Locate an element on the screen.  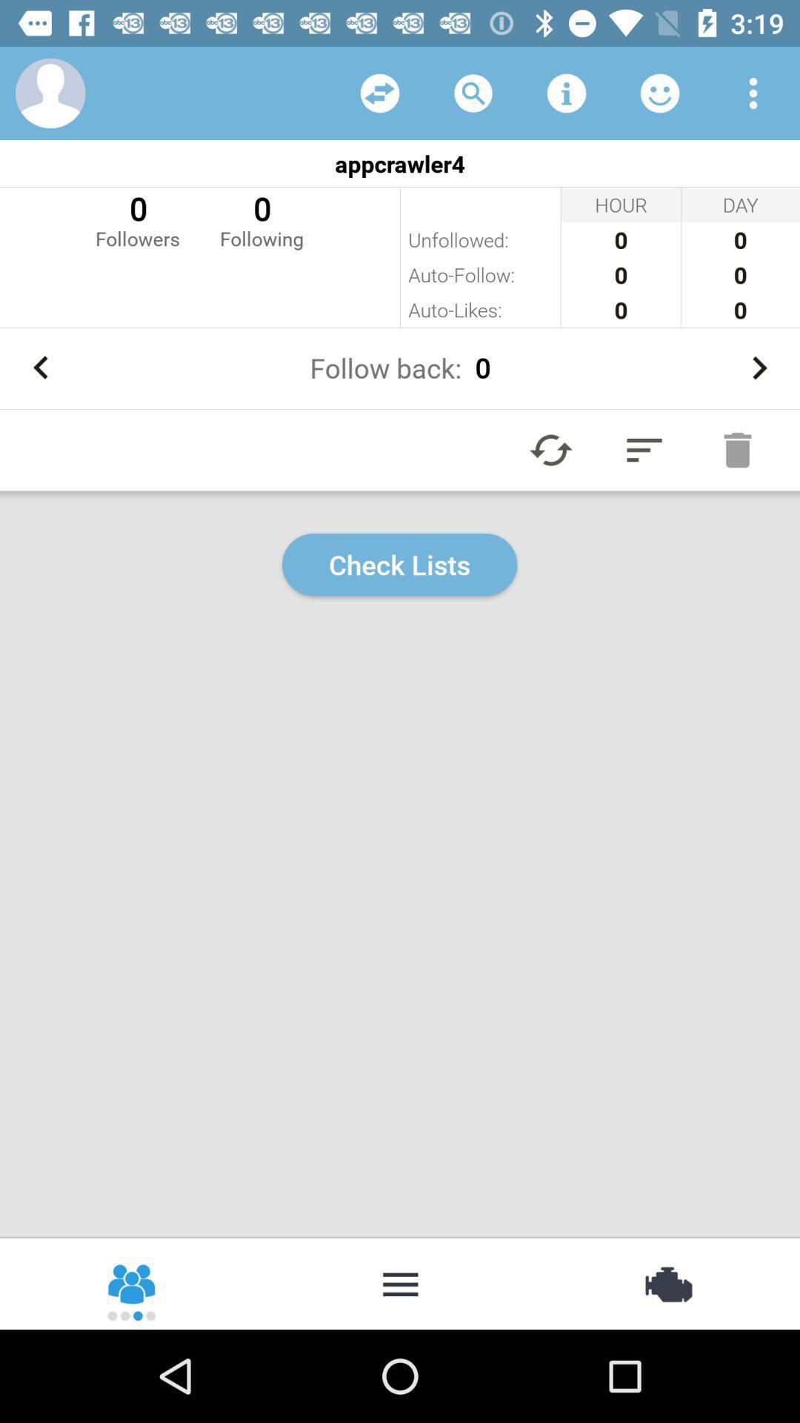
the filter_list icon is located at coordinates (644, 449).